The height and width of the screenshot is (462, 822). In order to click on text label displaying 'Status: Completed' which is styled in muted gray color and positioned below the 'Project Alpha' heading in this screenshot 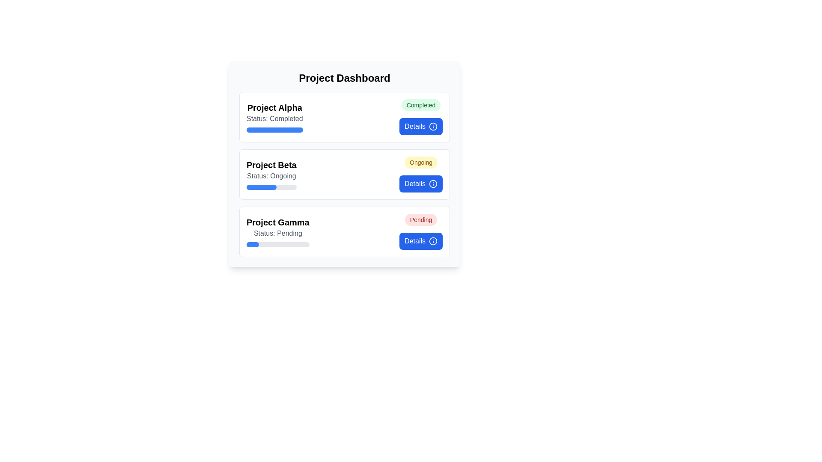, I will do `click(274, 118)`.